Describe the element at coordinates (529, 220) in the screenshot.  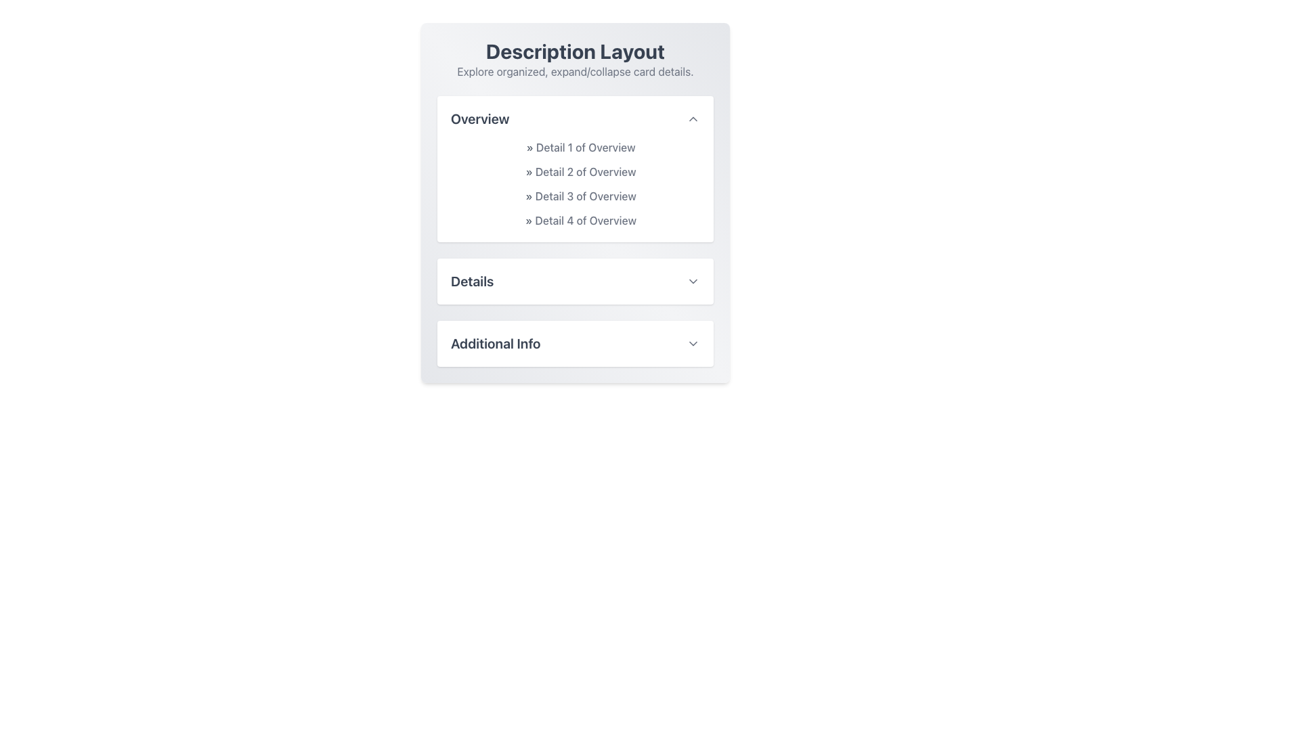
I see `the right-pointing chevron icon ('»') styled in gray (#606060) located at the beginning of the text 'Detail 4 of Overview' in the 'Overview' section` at that location.